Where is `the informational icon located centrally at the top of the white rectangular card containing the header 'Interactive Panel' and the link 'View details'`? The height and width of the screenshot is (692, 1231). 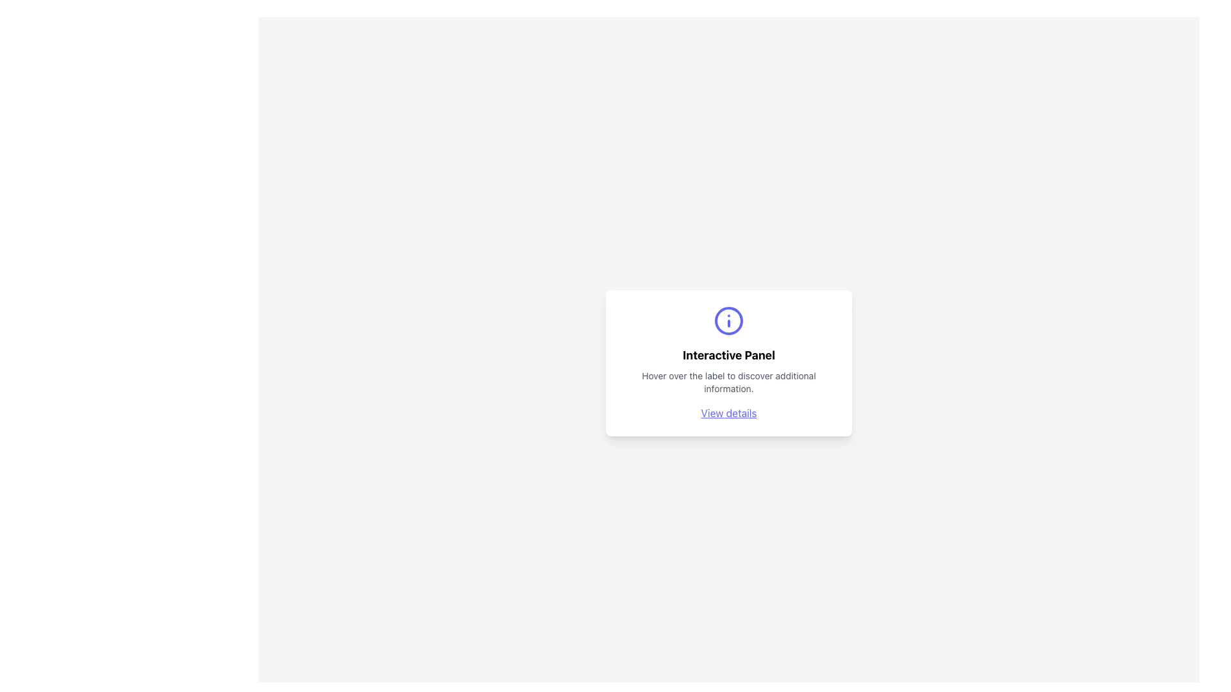
the informational icon located centrally at the top of the white rectangular card containing the header 'Interactive Panel' and the link 'View details' is located at coordinates (729, 320).